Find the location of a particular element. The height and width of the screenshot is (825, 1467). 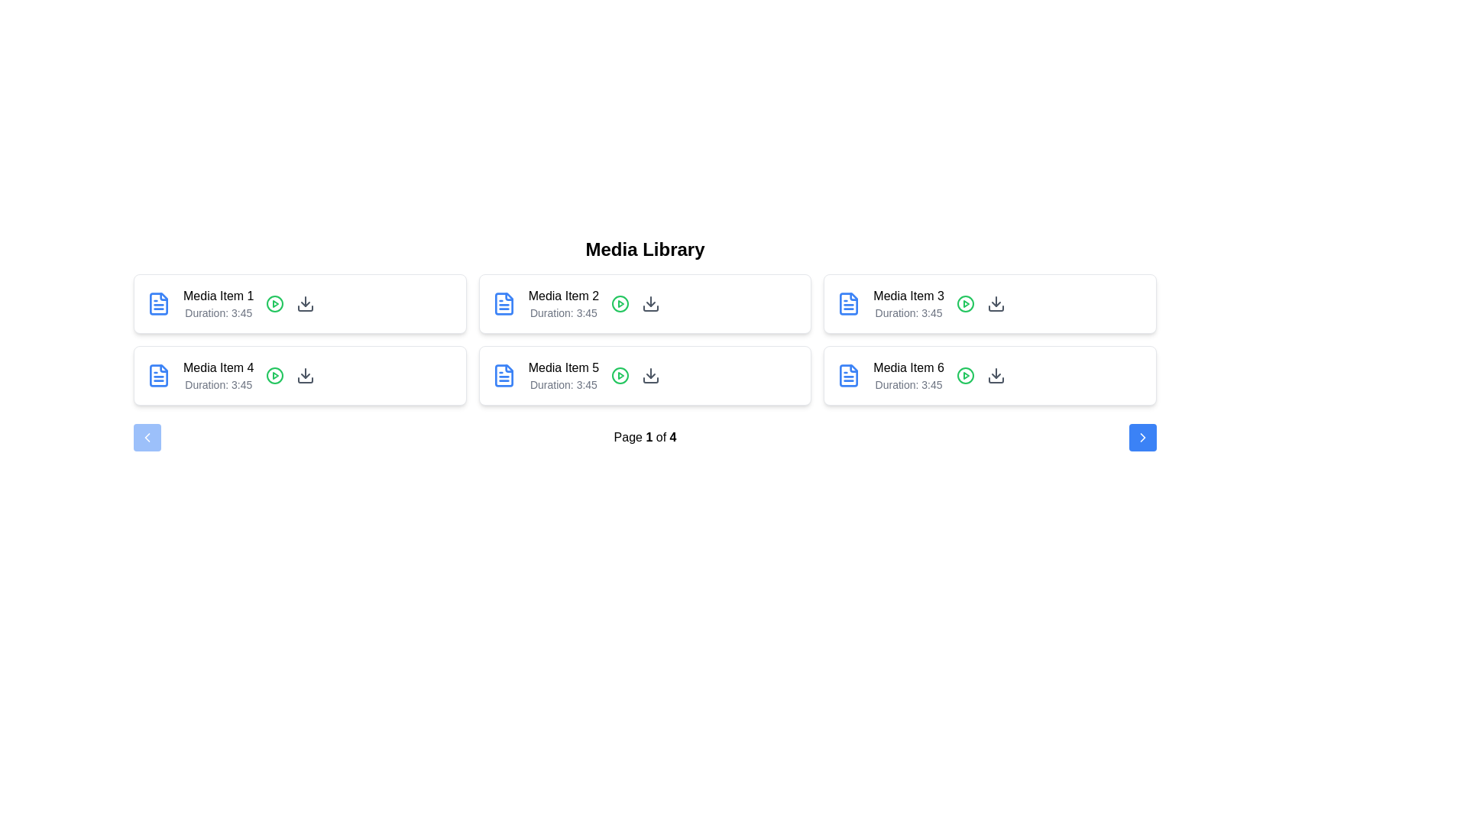

the text label element displaying 'Duration: 3:45' located within the media card labeled 'Media Item 3' in the top-right quadrant is located at coordinates (908, 312).